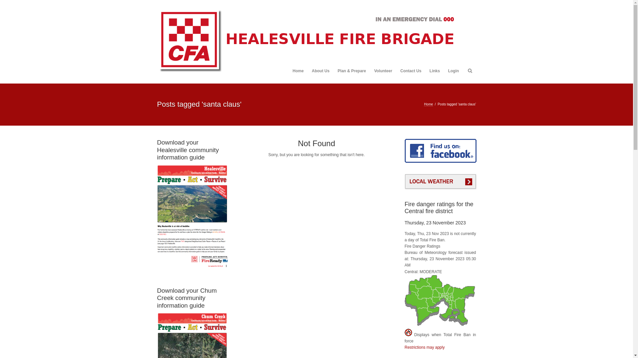 The width and height of the screenshot is (638, 358). What do you see at coordinates (445, 71) in the screenshot?
I see `'Login'` at bounding box center [445, 71].